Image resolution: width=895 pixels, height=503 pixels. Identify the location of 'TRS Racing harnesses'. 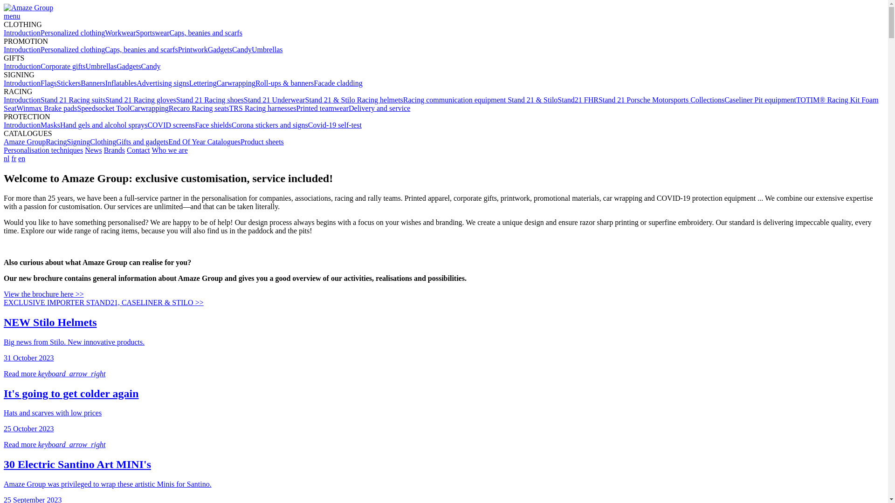
(229, 108).